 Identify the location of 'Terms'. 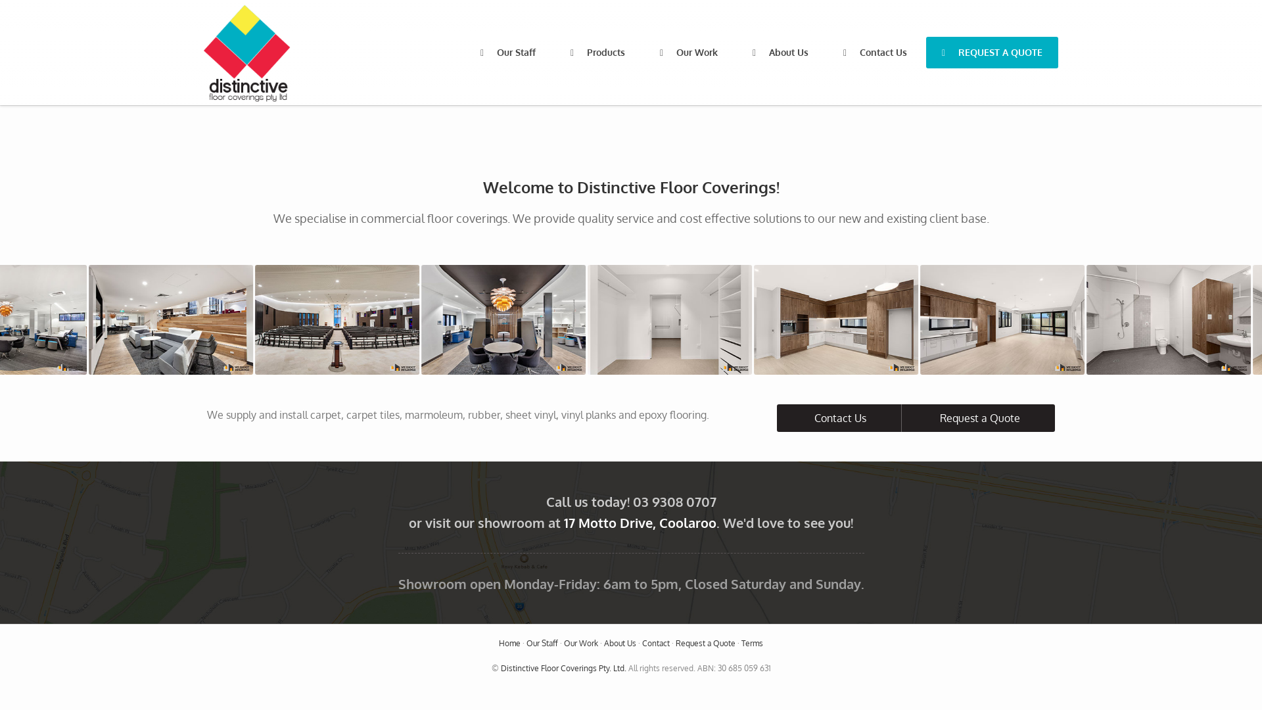
(752, 642).